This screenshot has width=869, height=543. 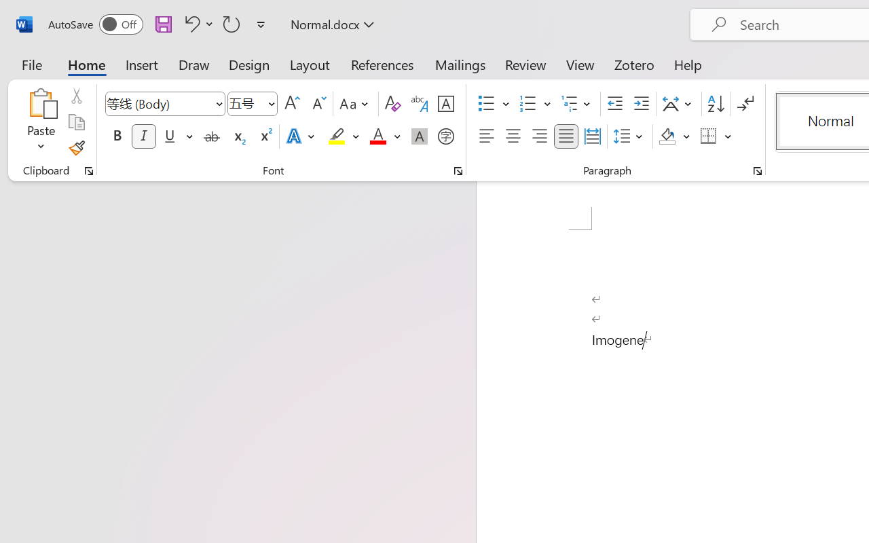 I want to click on 'Asian Layout', so click(x=679, y=104).